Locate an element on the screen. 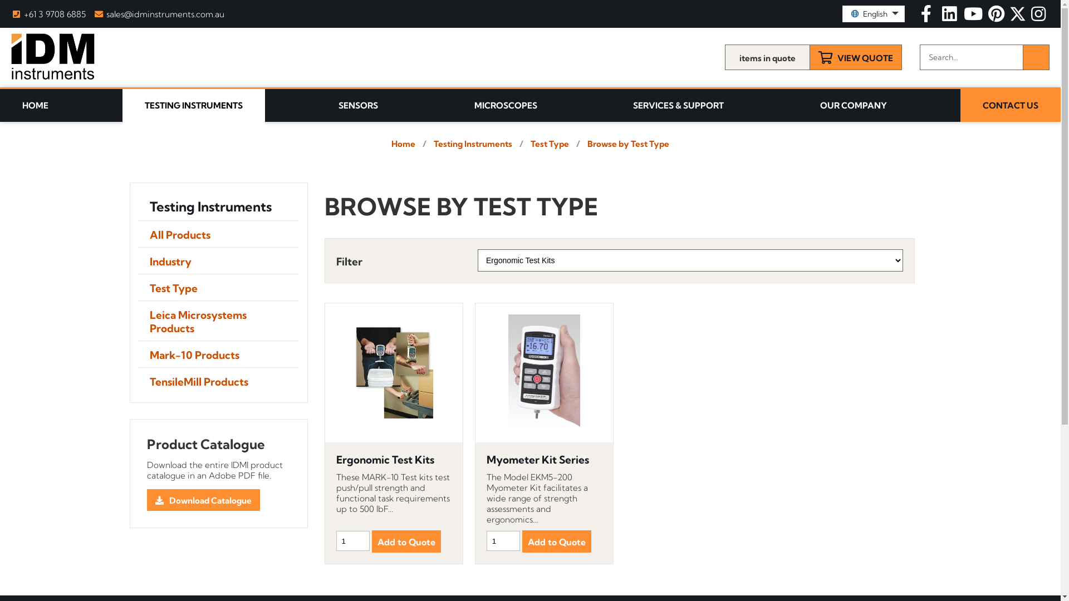 Image resolution: width=1069 pixels, height=601 pixels. 'CONTACT US' is located at coordinates (1010, 105).